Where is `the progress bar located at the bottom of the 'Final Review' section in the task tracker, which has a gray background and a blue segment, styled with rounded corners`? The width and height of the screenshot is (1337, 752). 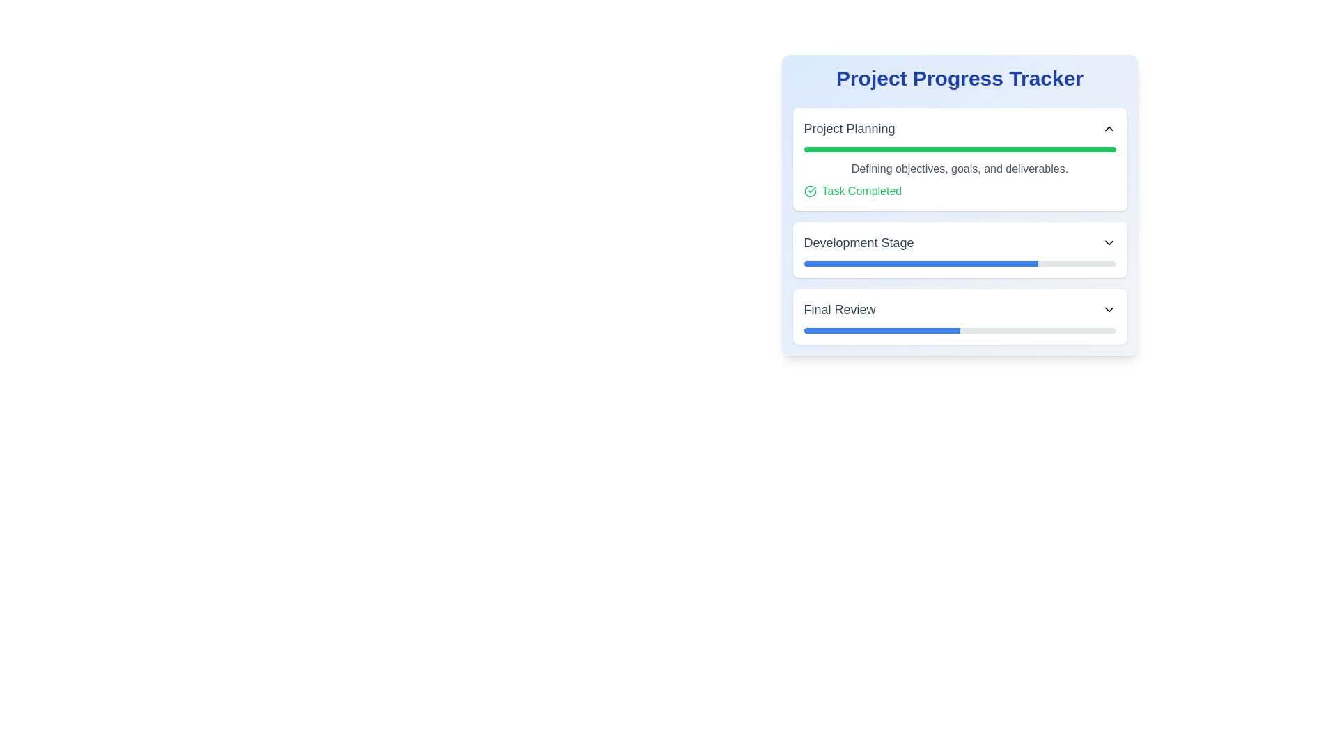 the progress bar located at the bottom of the 'Final Review' section in the task tracker, which has a gray background and a blue segment, styled with rounded corners is located at coordinates (959, 330).